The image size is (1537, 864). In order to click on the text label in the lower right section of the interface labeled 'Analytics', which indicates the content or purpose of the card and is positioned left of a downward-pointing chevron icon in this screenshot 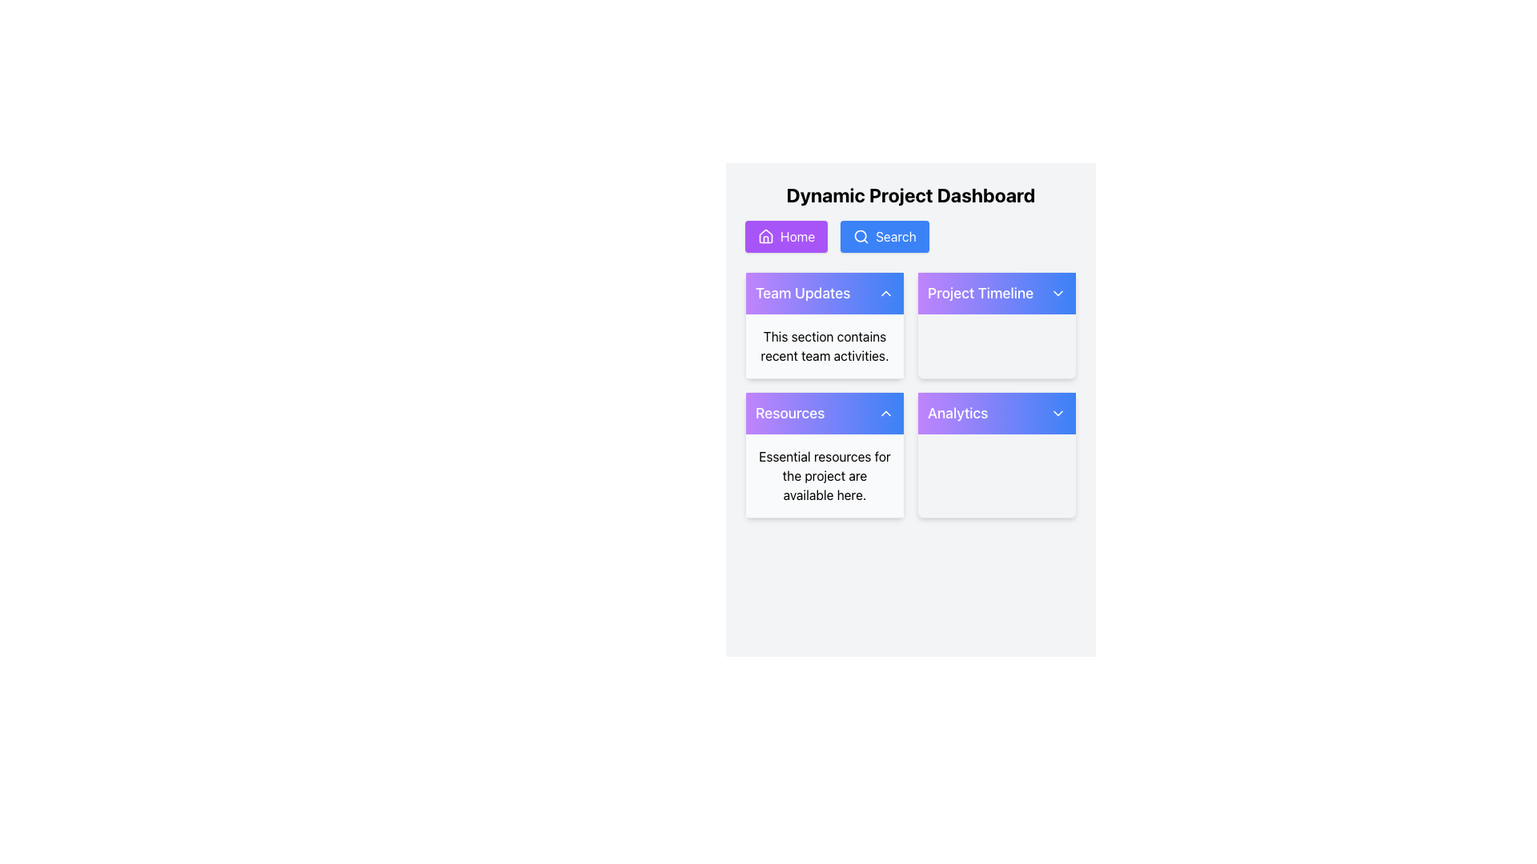, I will do `click(957, 412)`.